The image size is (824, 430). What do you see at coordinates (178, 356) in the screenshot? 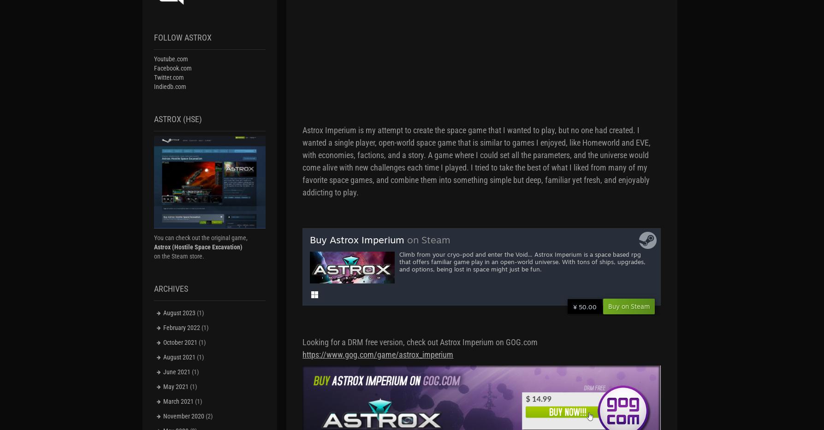
I see `'August 2021'` at bounding box center [178, 356].